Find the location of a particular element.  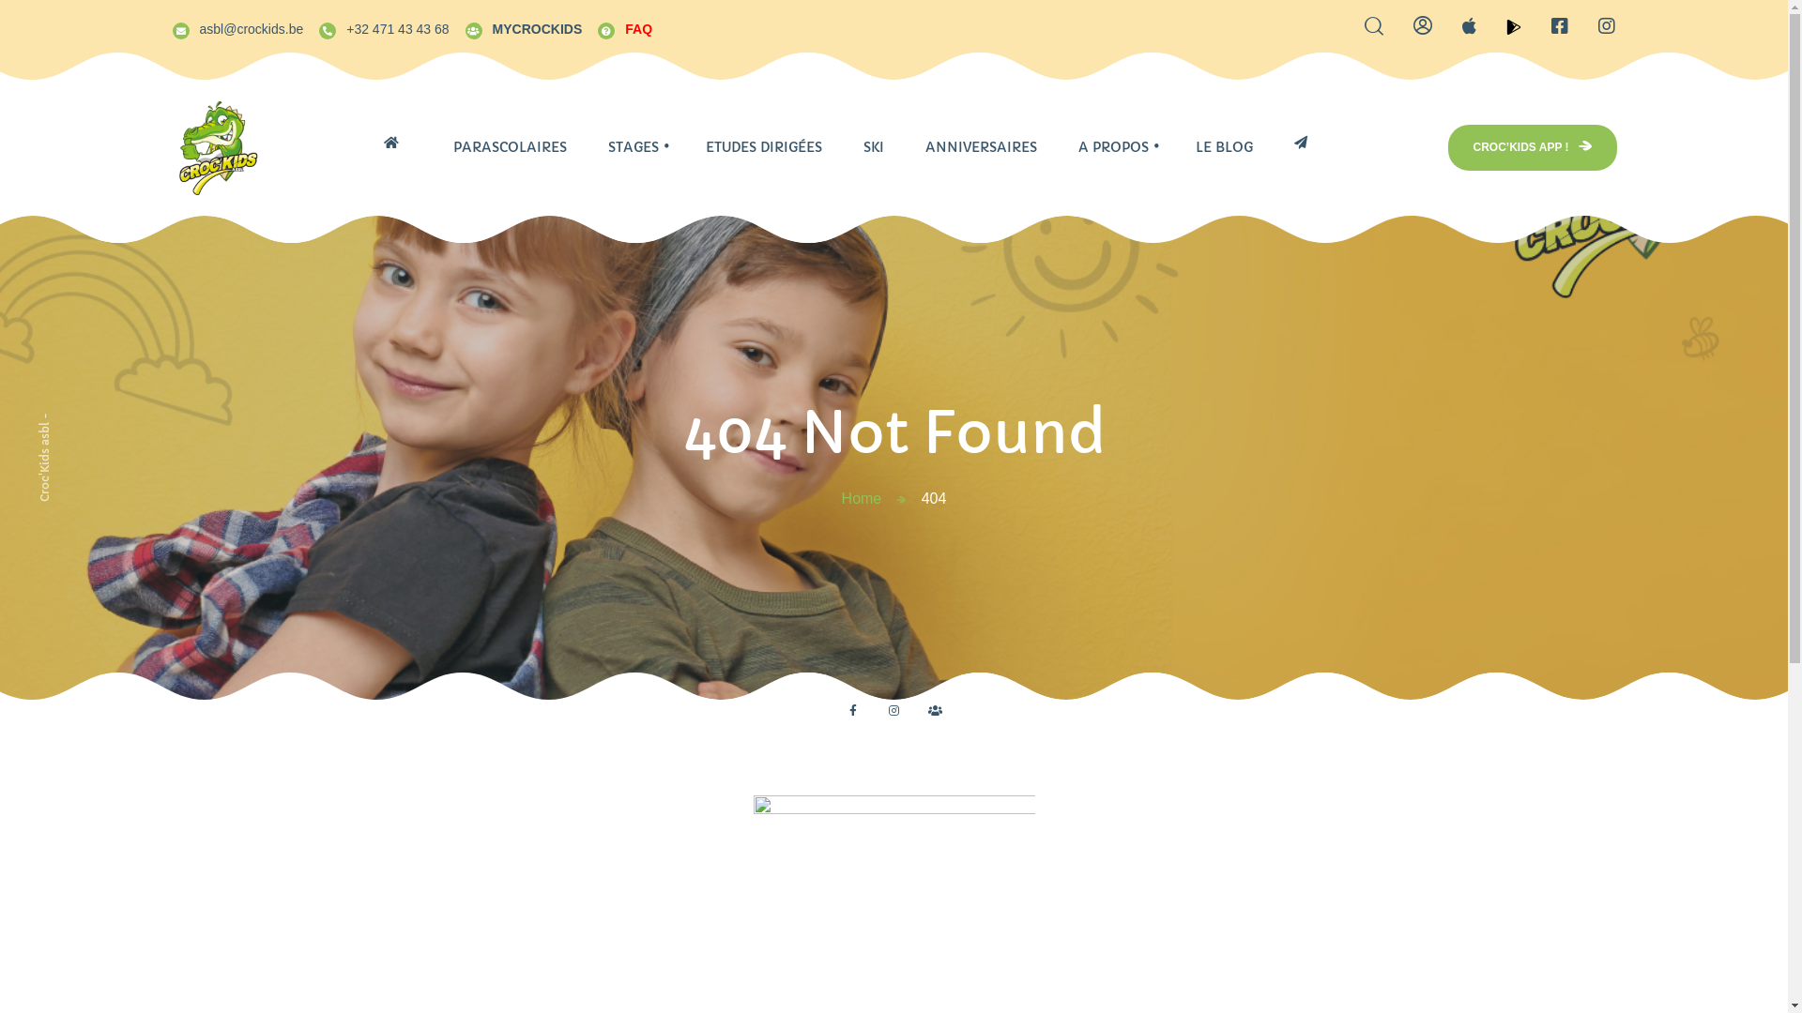

'LE BLOG' is located at coordinates (1224, 146).